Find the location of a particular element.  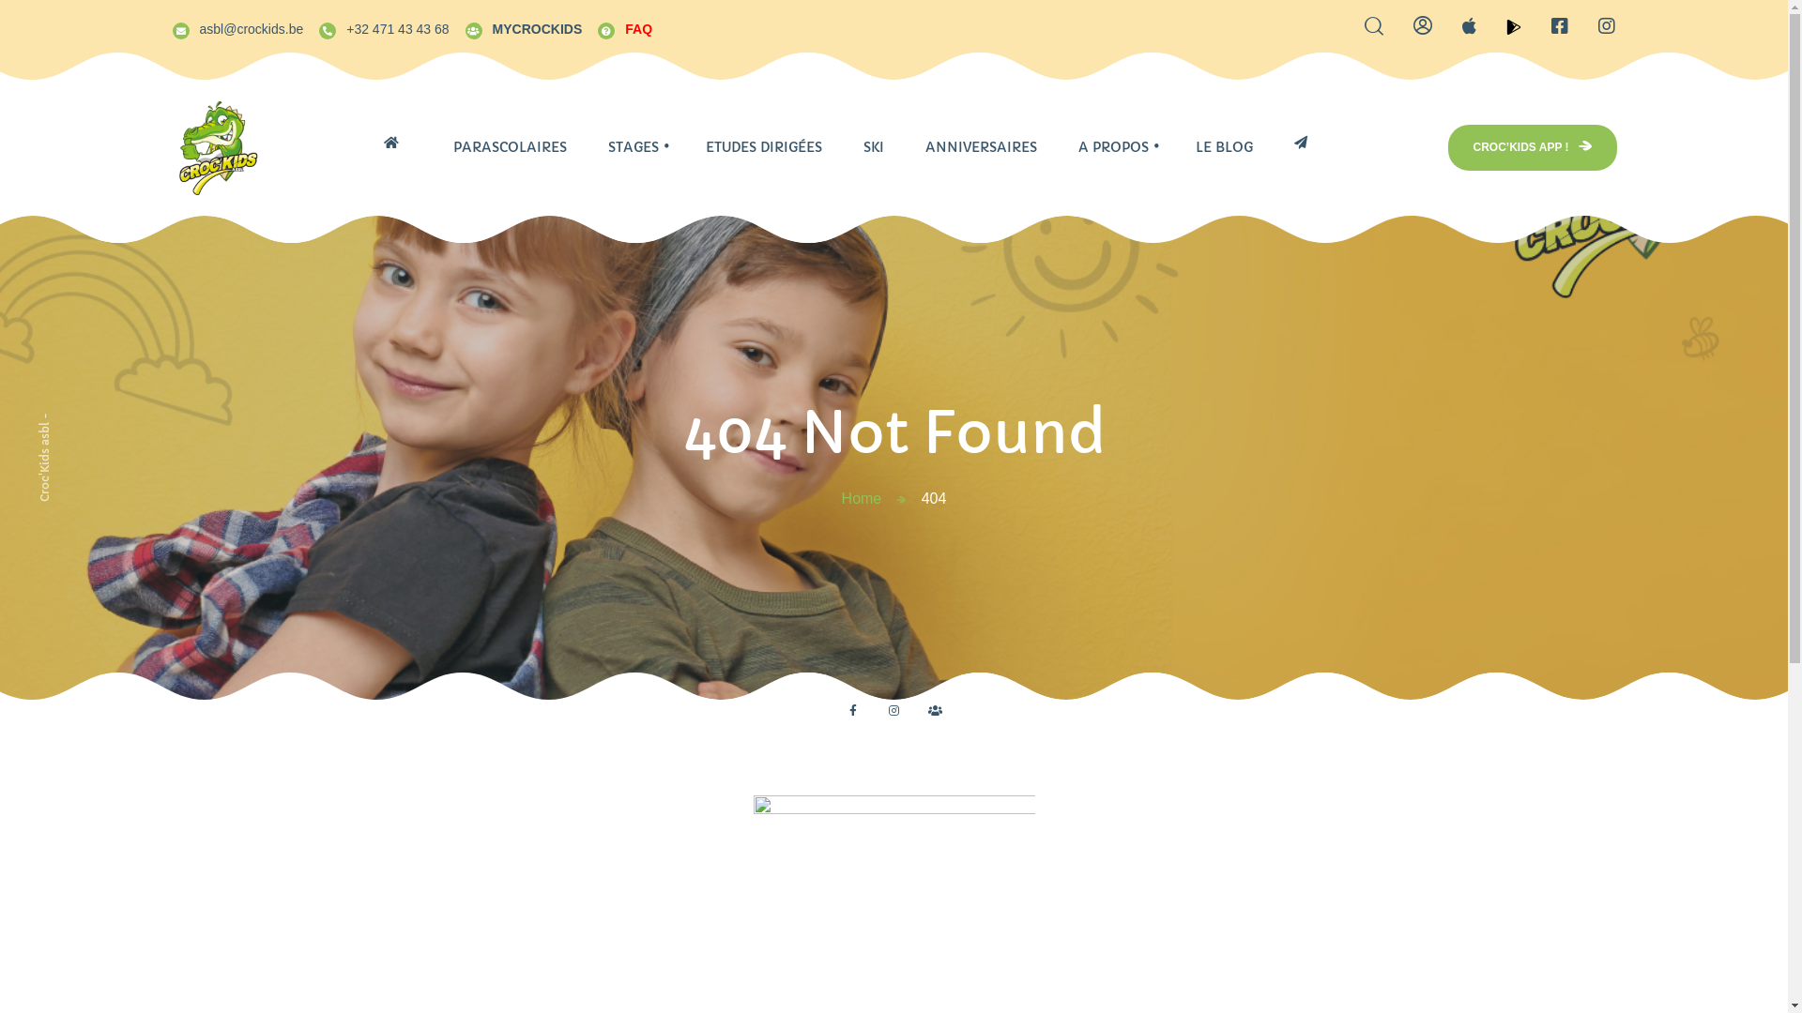

'LE BLOG' is located at coordinates (1224, 146).